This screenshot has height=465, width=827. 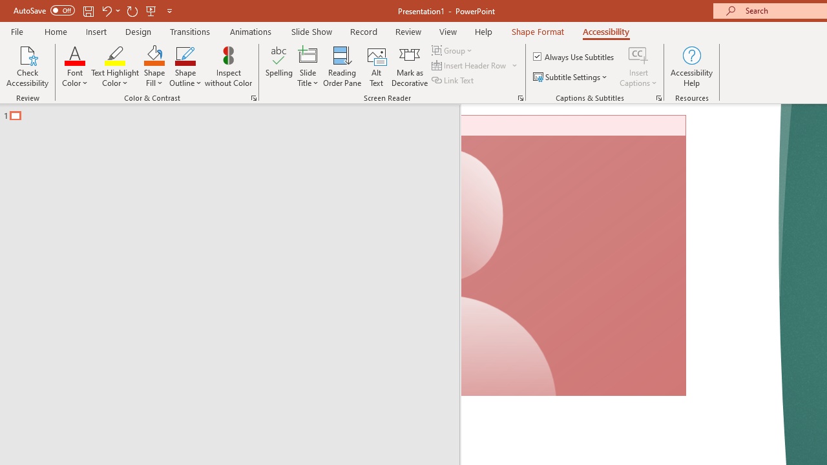 I want to click on 'Always Use Subtitles', so click(x=574, y=56).